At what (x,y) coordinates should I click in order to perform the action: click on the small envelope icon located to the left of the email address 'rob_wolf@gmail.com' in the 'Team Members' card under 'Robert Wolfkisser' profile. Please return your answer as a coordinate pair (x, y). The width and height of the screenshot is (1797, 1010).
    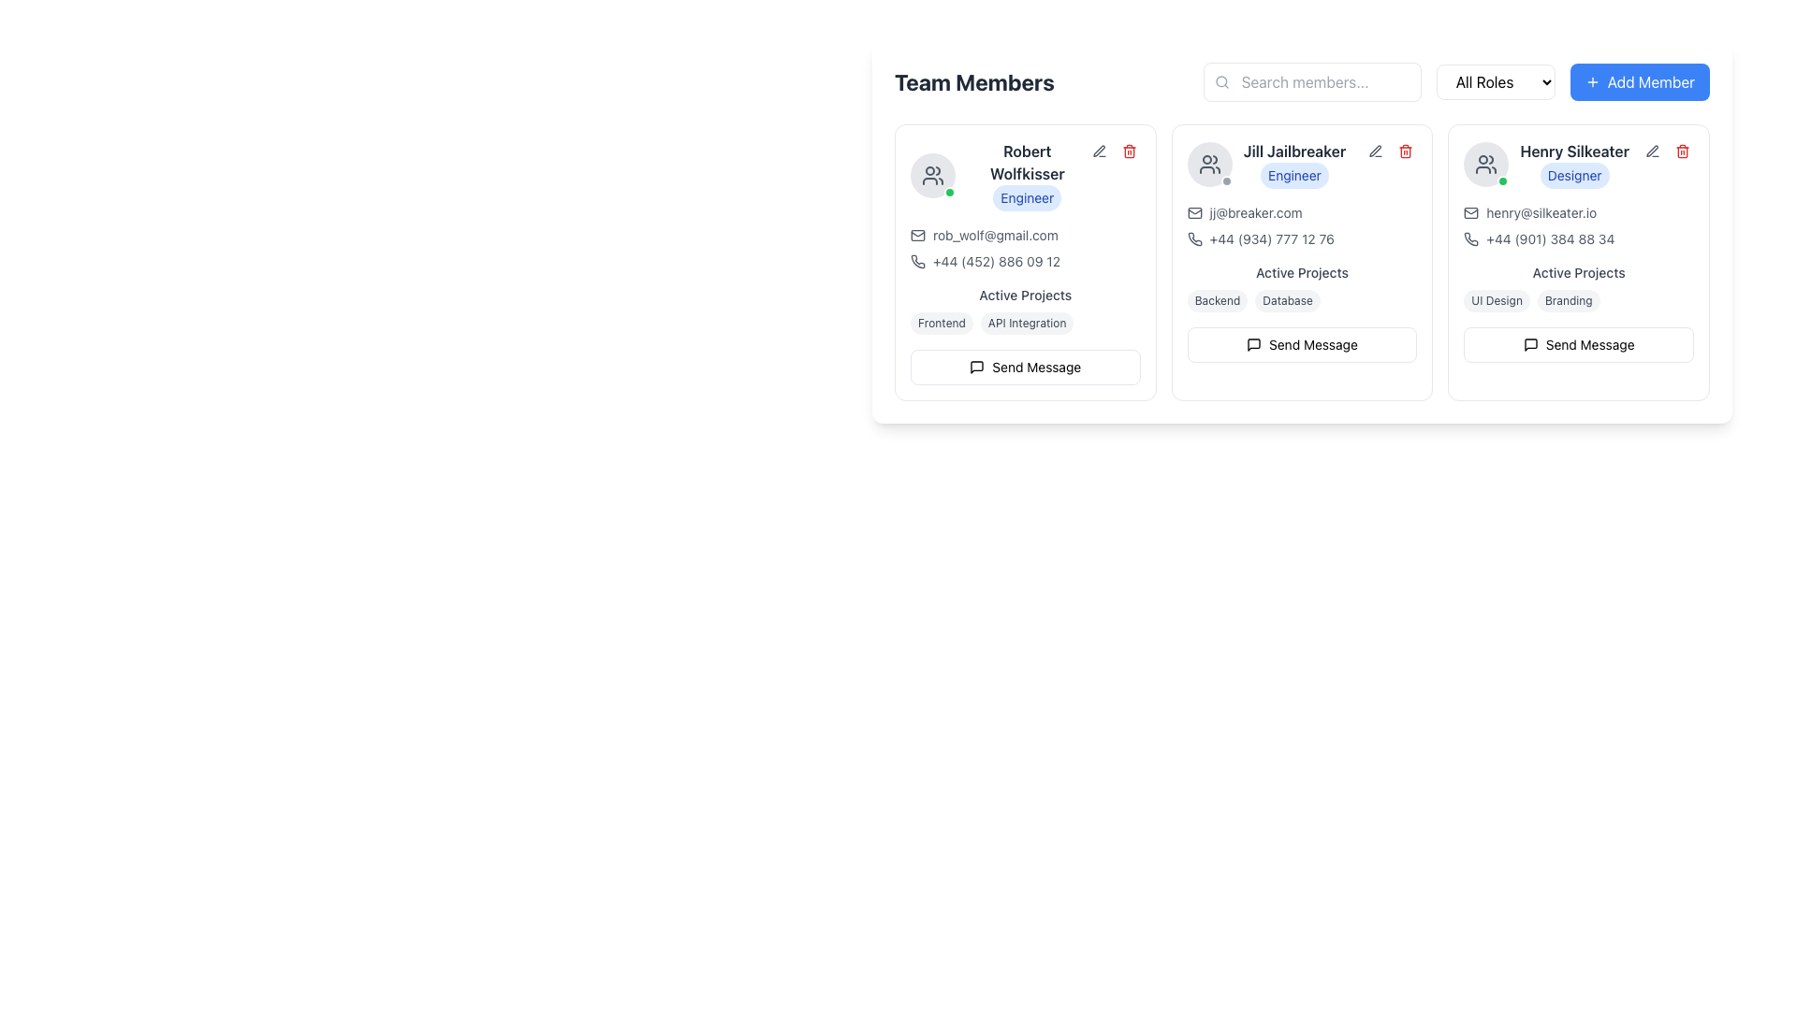
    Looking at the image, I should click on (917, 234).